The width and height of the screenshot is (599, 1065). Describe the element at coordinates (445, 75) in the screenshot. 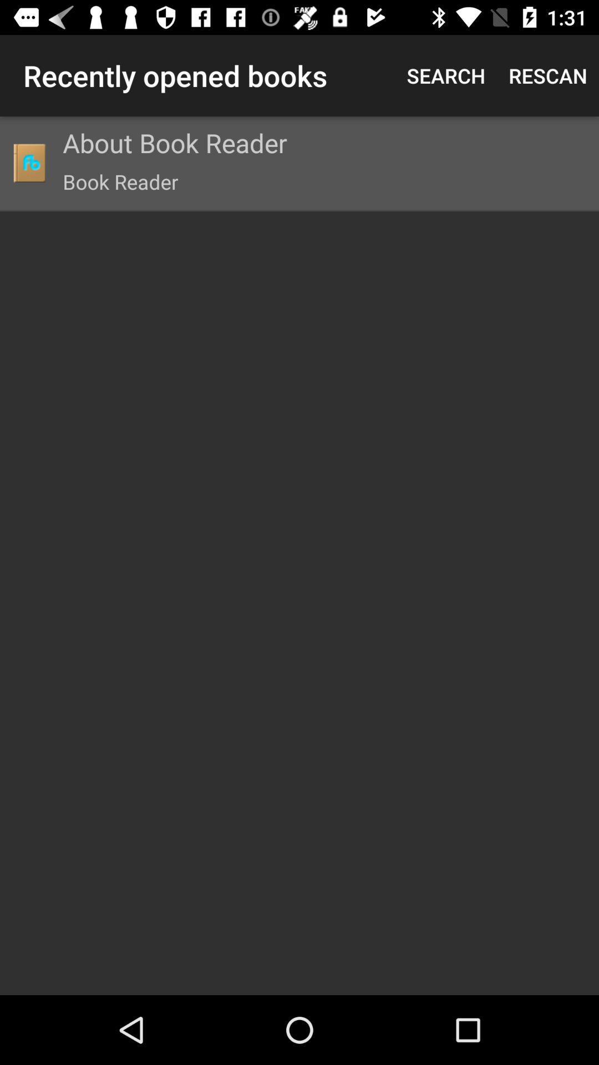

I see `the item to the left of the rescan icon` at that location.